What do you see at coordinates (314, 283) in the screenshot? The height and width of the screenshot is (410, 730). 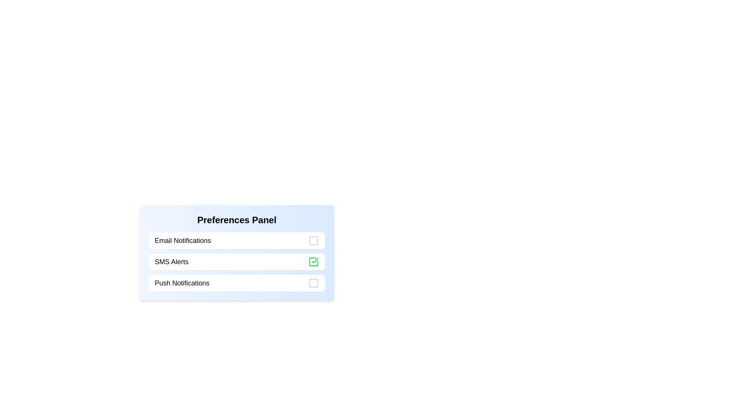 I see `from the checkbox styled with a lightweight gray border located inline with the label 'Push Notifications'` at bounding box center [314, 283].